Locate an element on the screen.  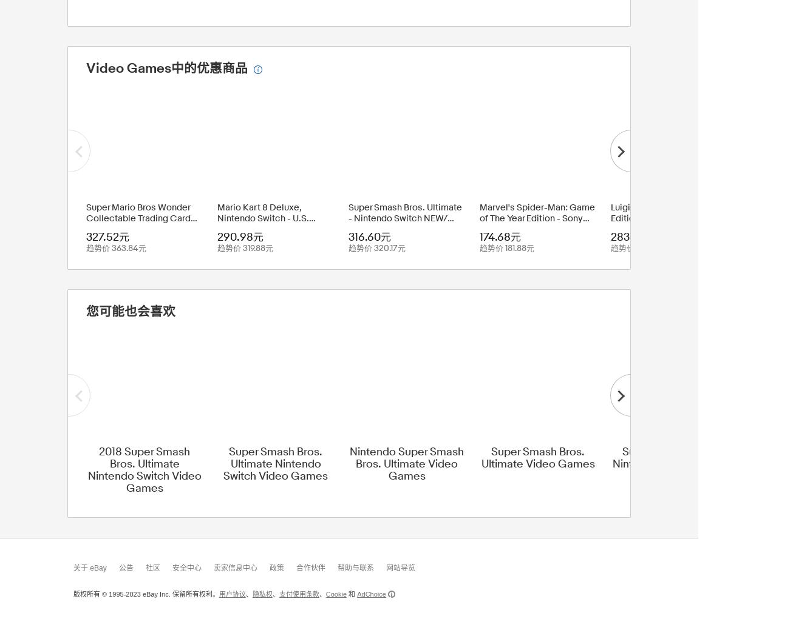
'Cookie' is located at coordinates (336, 594).